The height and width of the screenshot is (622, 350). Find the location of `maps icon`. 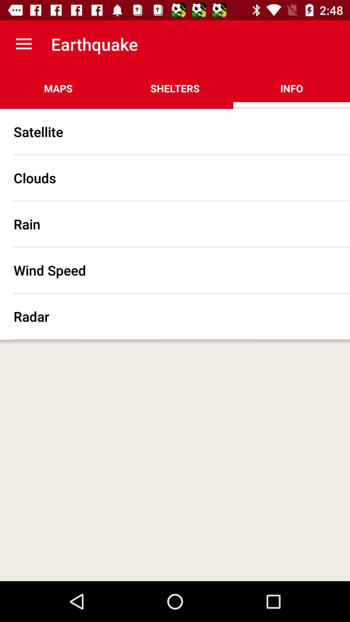

maps icon is located at coordinates (58, 88).